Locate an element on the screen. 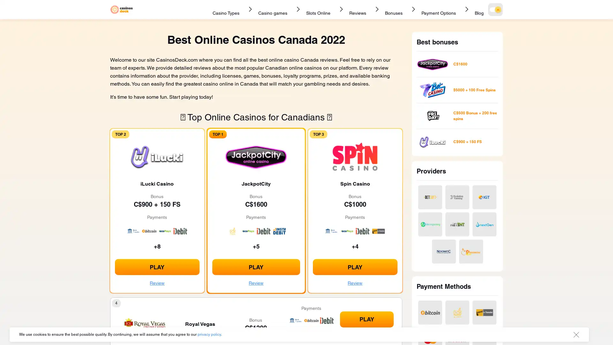 The width and height of the screenshot is (613, 345). PLAY is located at coordinates (157, 267).